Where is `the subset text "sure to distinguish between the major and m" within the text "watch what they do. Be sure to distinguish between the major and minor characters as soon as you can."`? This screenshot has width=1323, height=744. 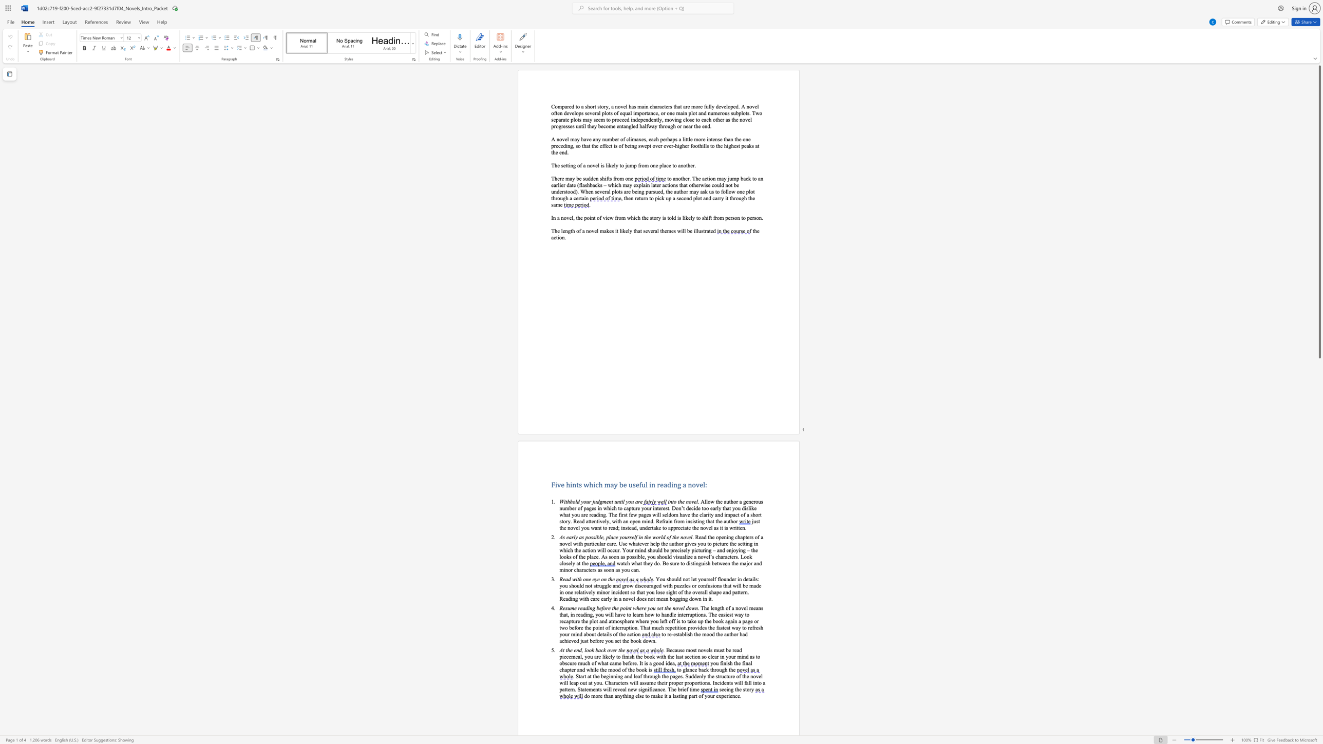
the subset text "sure to distinguish between the major and m" within the text "watch what they do. Be sure to distinguish between the major and minor characters as soon as you can." is located at coordinates (670, 563).